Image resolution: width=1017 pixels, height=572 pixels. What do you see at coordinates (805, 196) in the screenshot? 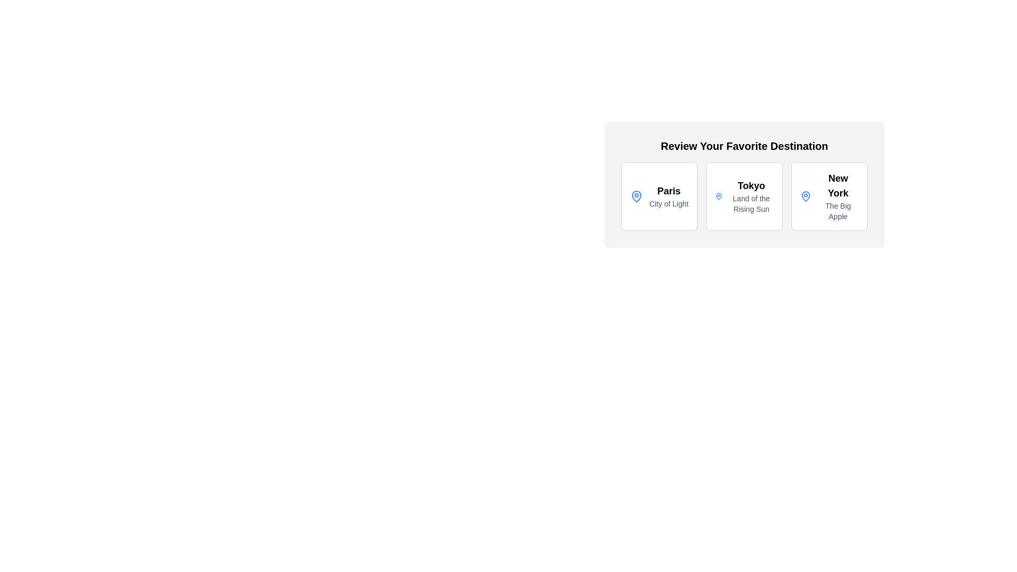
I see `the SVG pin icon element with a blue outline located next to the text 'Paris' in the 'Review Your Favorite Destination' options` at bounding box center [805, 196].